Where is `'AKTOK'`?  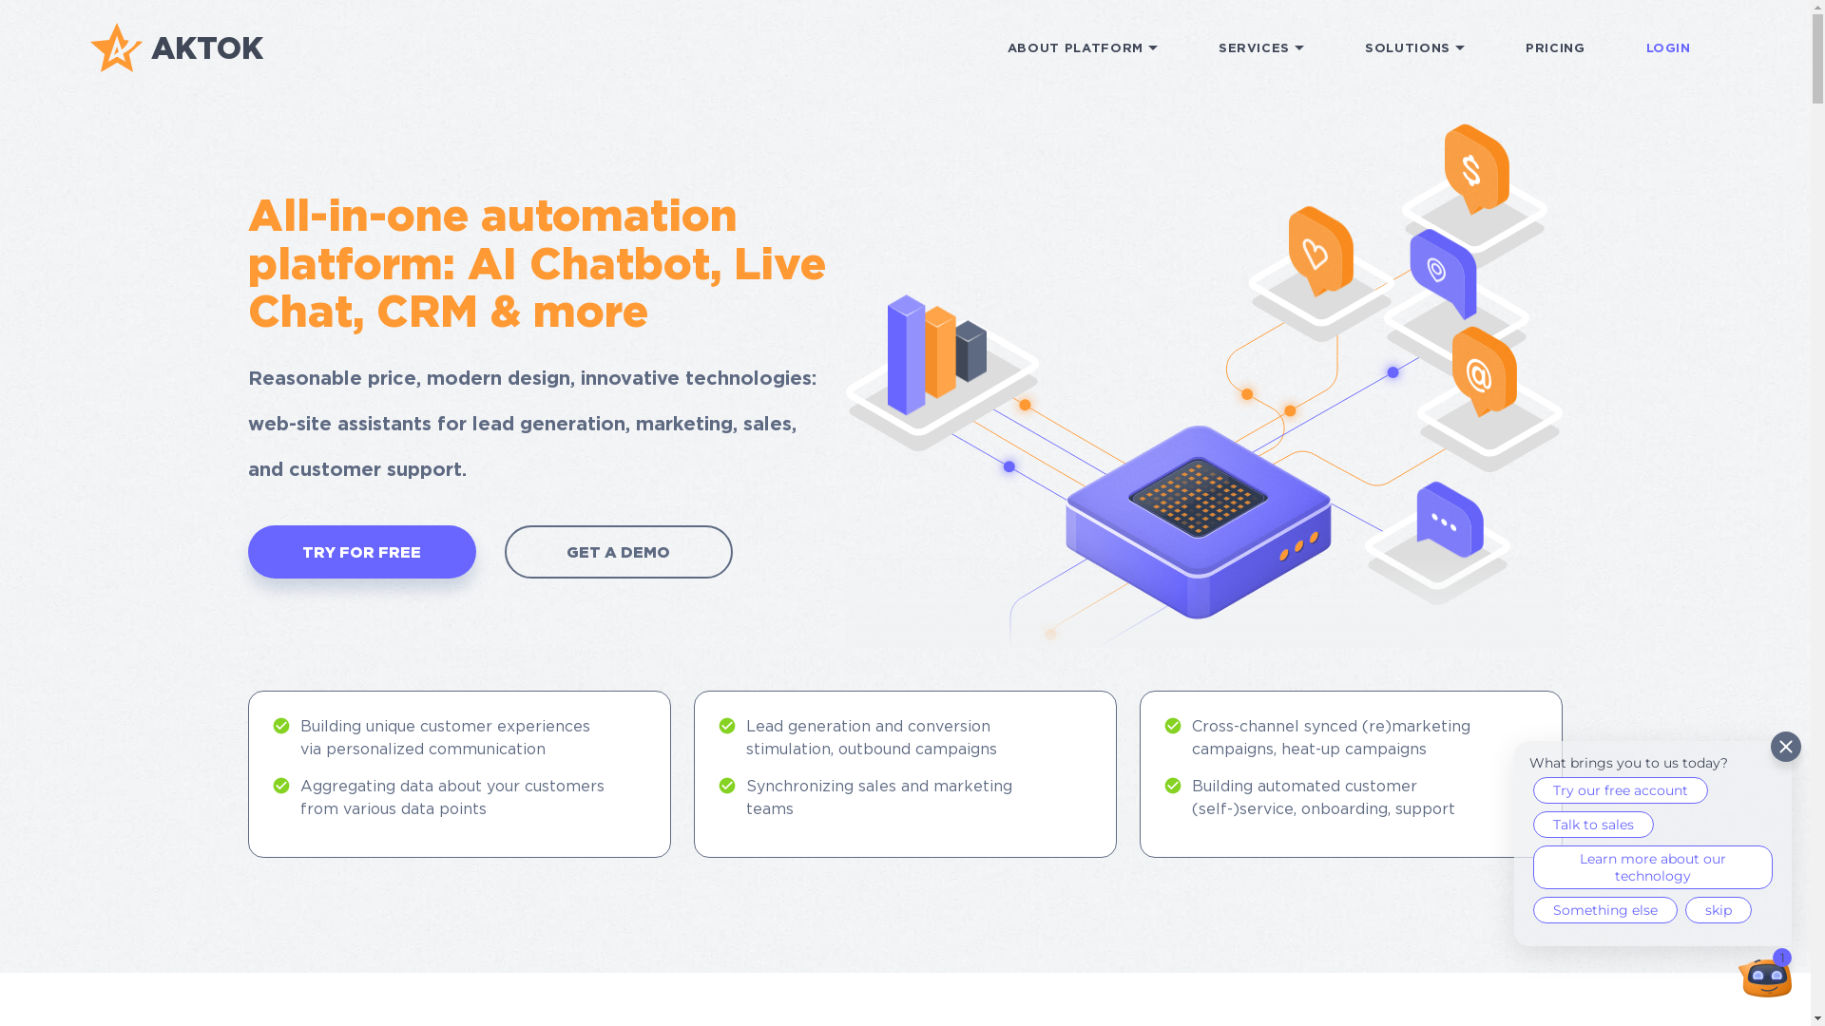
'AKTOK' is located at coordinates (89, 47).